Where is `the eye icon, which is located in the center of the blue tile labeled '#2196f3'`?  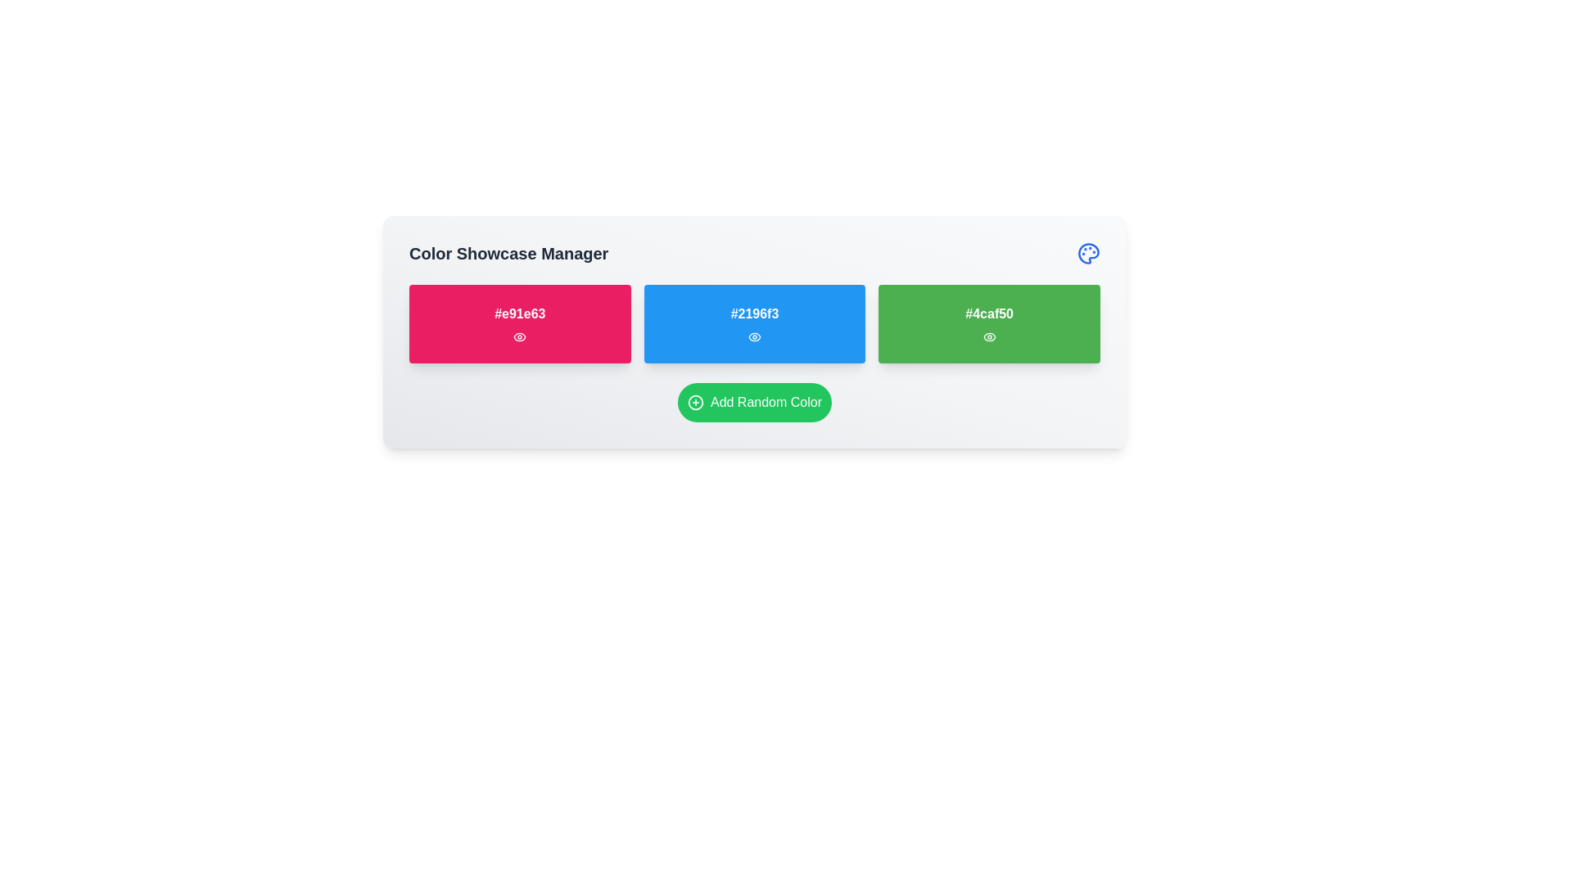
the eye icon, which is located in the center of the blue tile labeled '#2196f3' is located at coordinates (753, 336).